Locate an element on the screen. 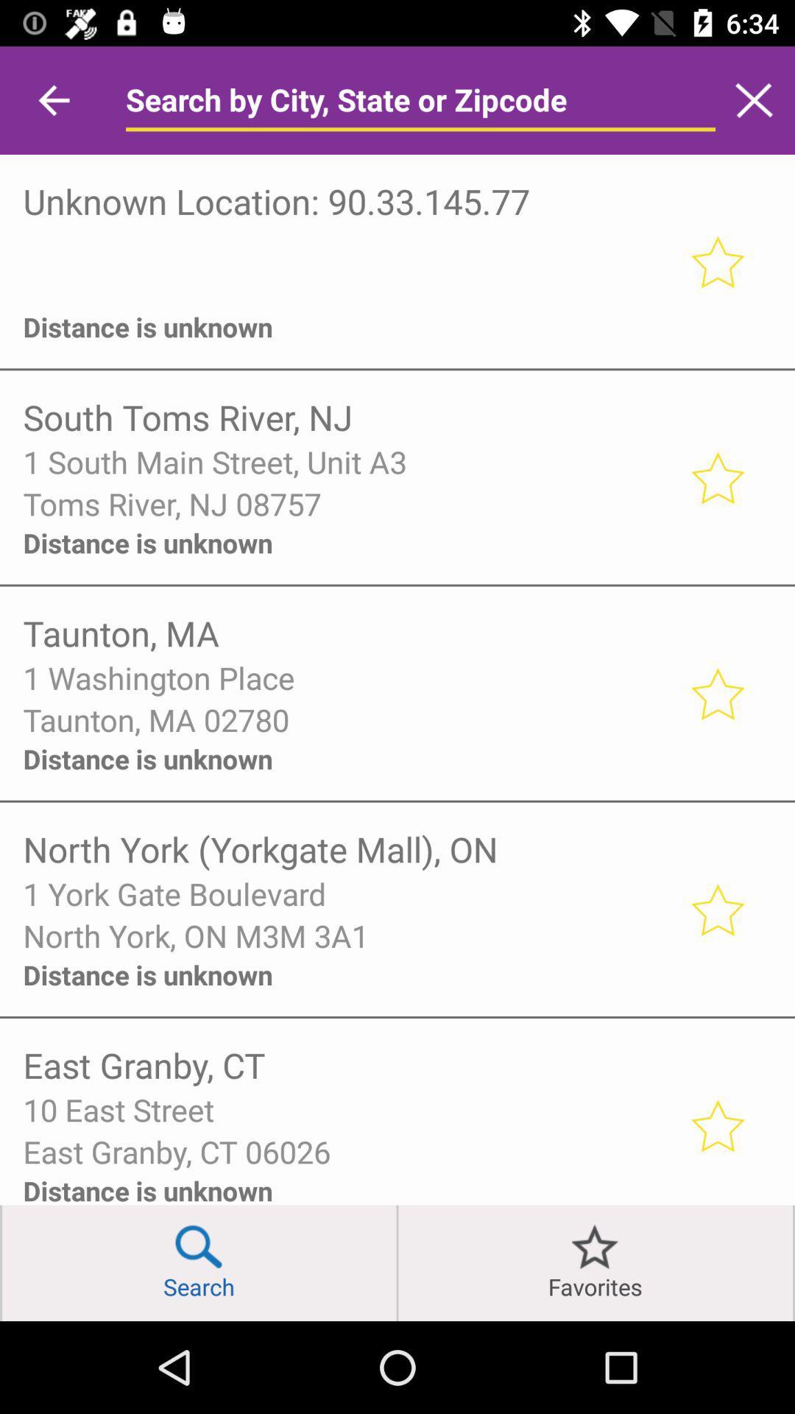 The image size is (795, 1414). put this location in your favourites is located at coordinates (716, 1125).